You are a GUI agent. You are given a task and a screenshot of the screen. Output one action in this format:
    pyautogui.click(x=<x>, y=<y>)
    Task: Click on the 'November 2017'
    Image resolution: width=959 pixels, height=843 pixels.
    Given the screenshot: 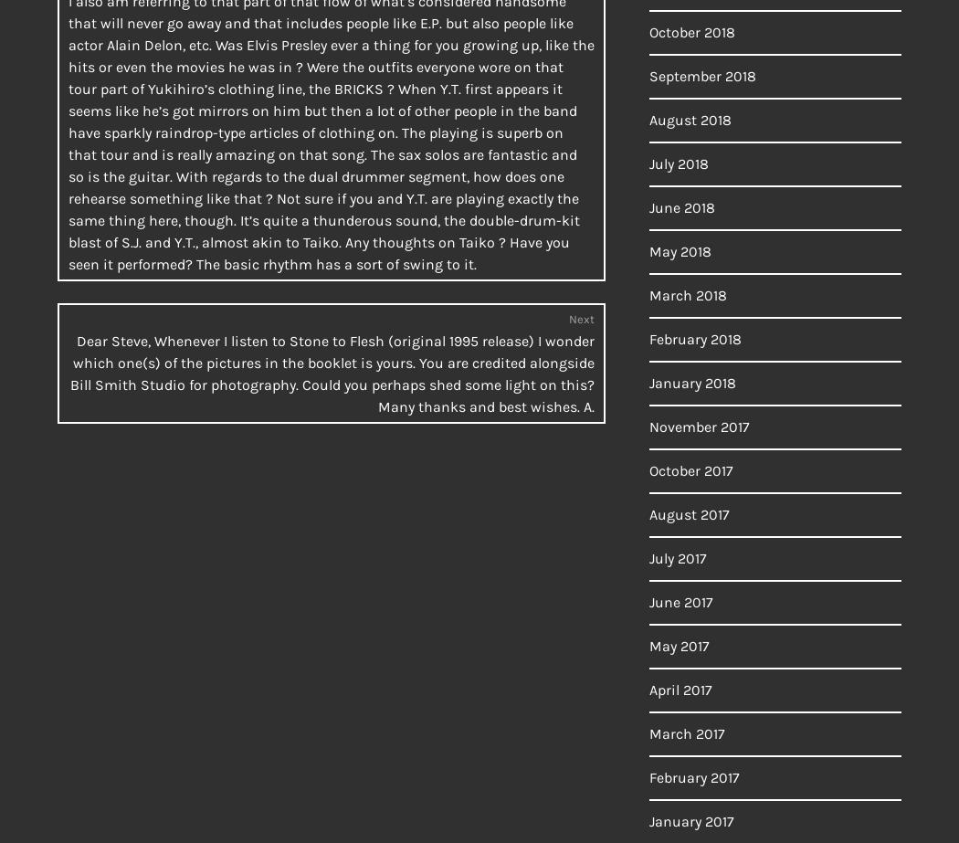 What is the action you would take?
    pyautogui.click(x=648, y=426)
    